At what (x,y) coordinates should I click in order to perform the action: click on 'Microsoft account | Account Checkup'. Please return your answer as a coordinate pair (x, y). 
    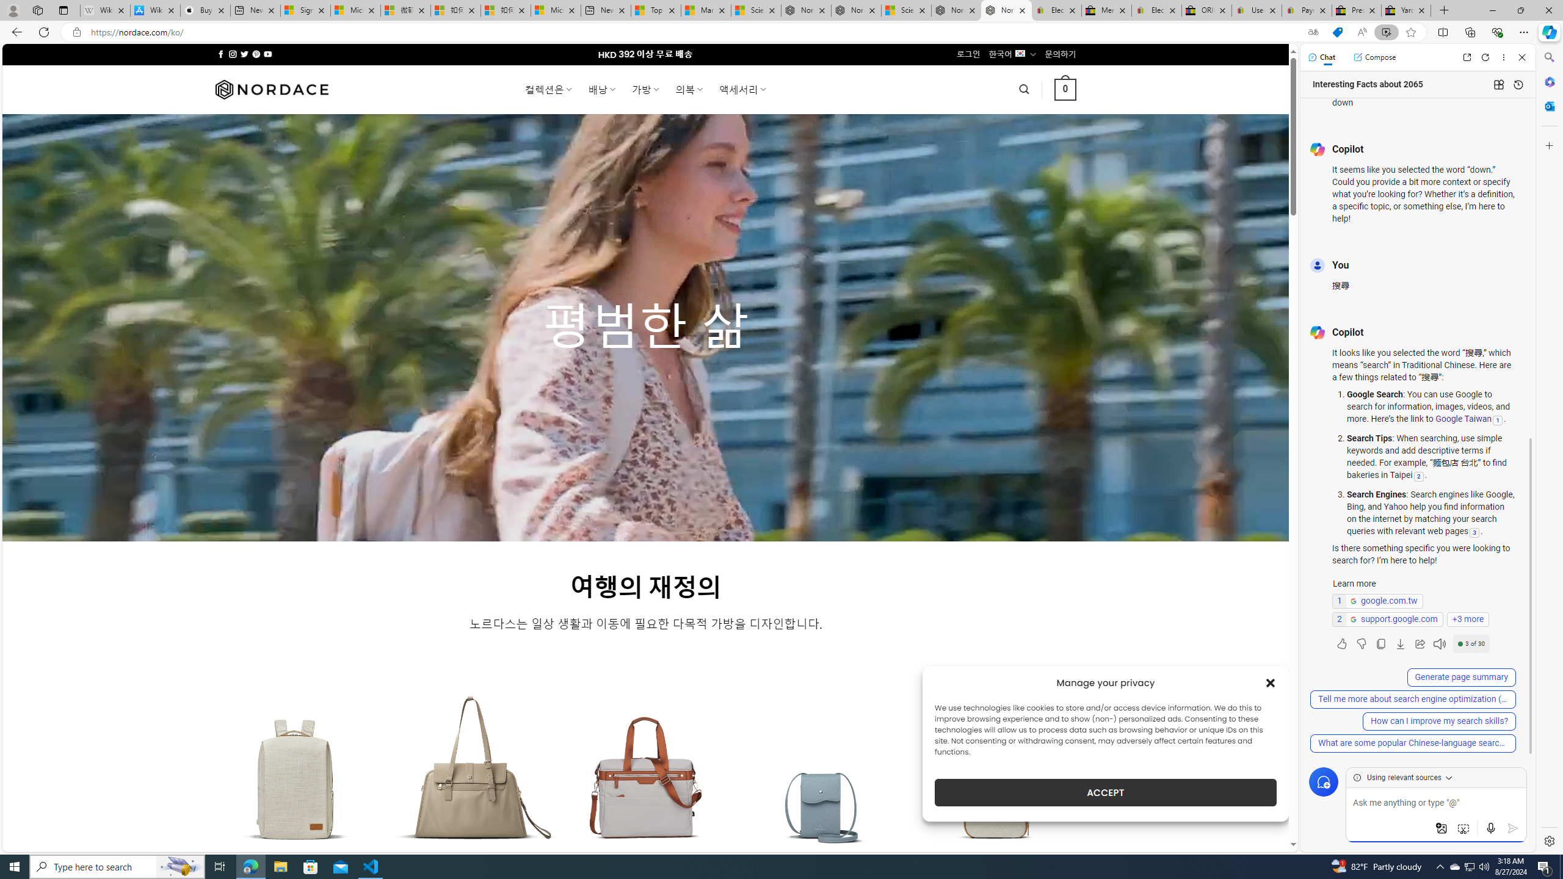
    Looking at the image, I should click on (555, 10).